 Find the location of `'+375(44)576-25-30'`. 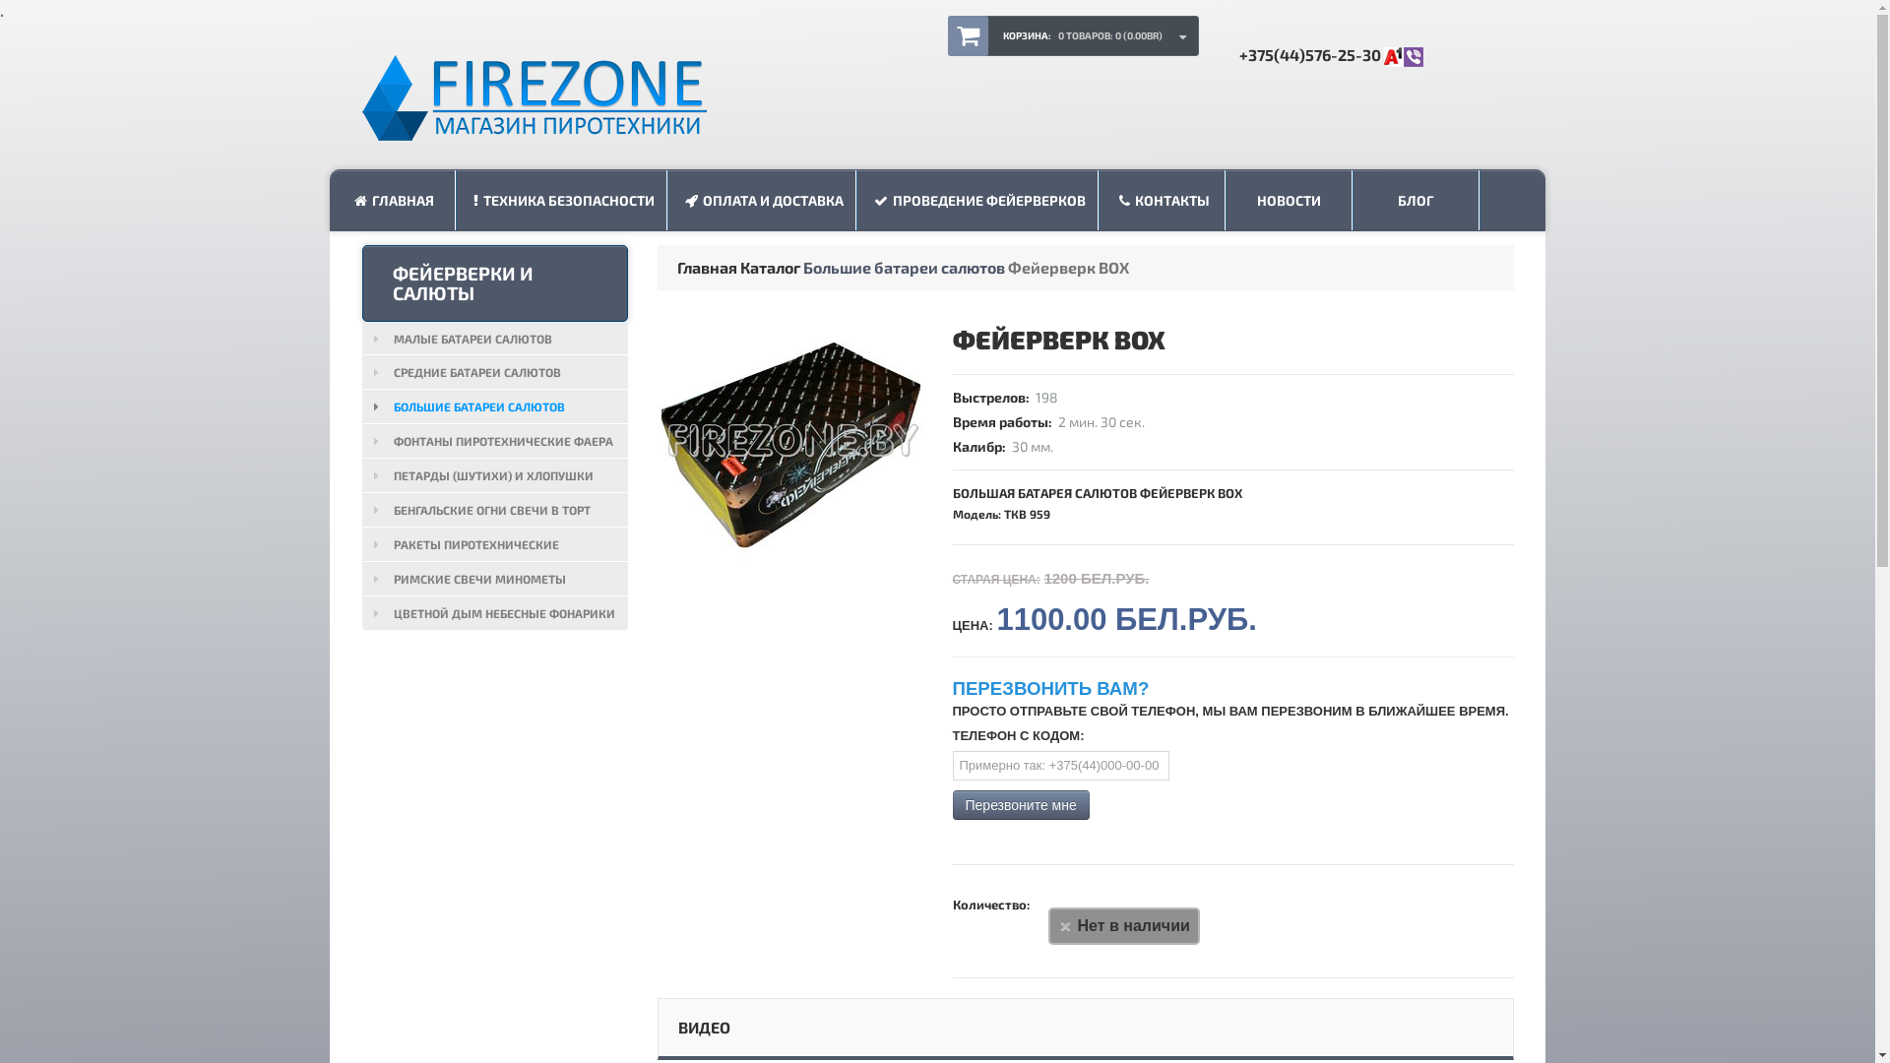

'+375(44)576-25-30' is located at coordinates (1236, 53).